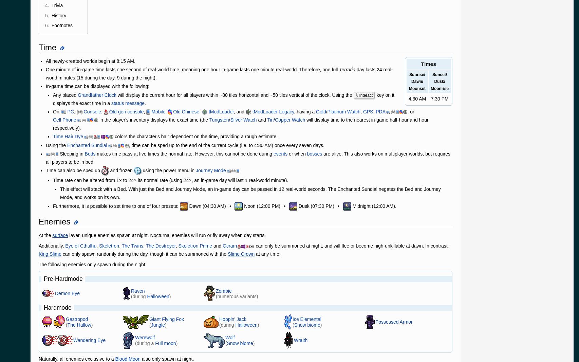 This screenshot has height=362, width=579. What do you see at coordinates (98, 289) in the screenshot?
I see `'Miss the old Hydra Skin? Try out our Hydralize gadget! Visit'` at bounding box center [98, 289].